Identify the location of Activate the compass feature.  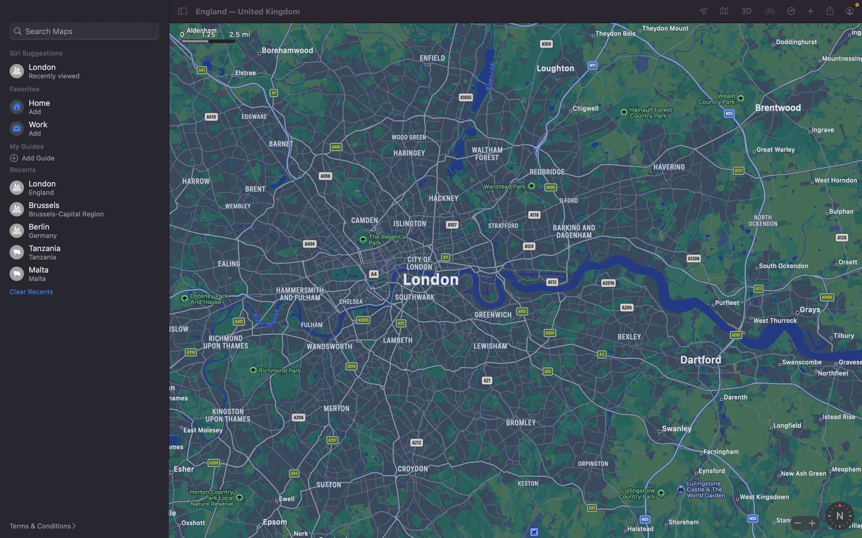
(839, 516).